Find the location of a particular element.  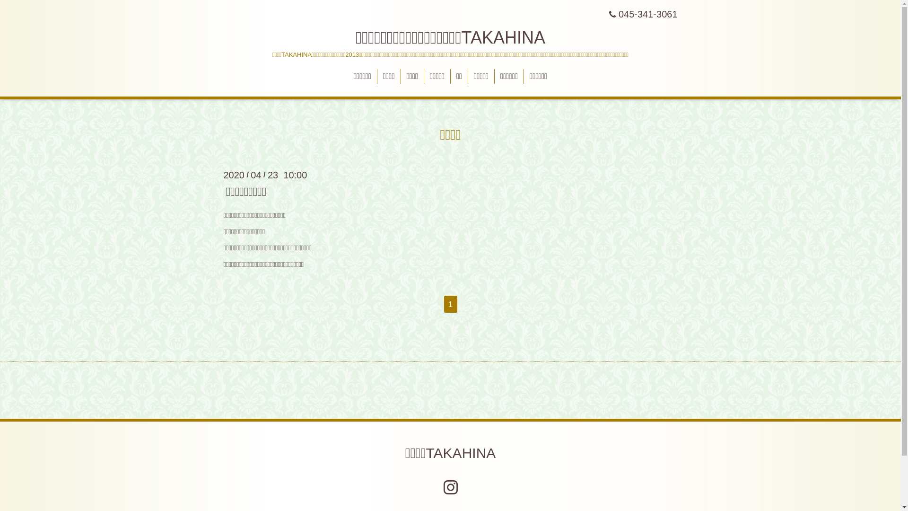

'1' is located at coordinates (449, 304).